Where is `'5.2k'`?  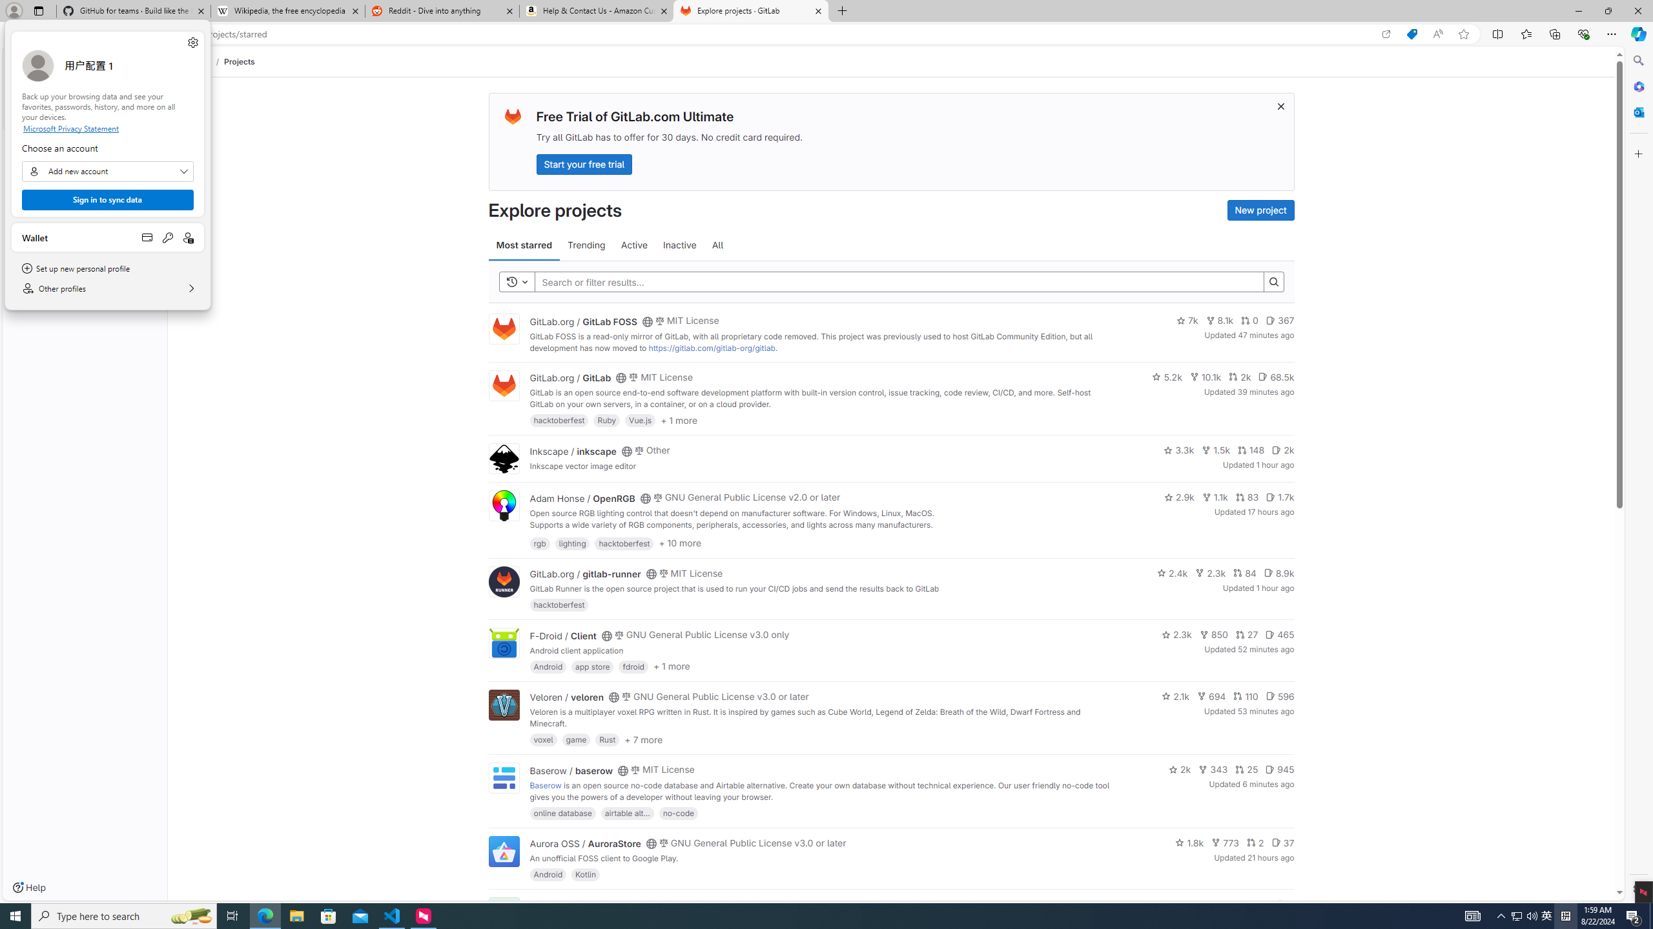
'5.2k' is located at coordinates (1166, 375).